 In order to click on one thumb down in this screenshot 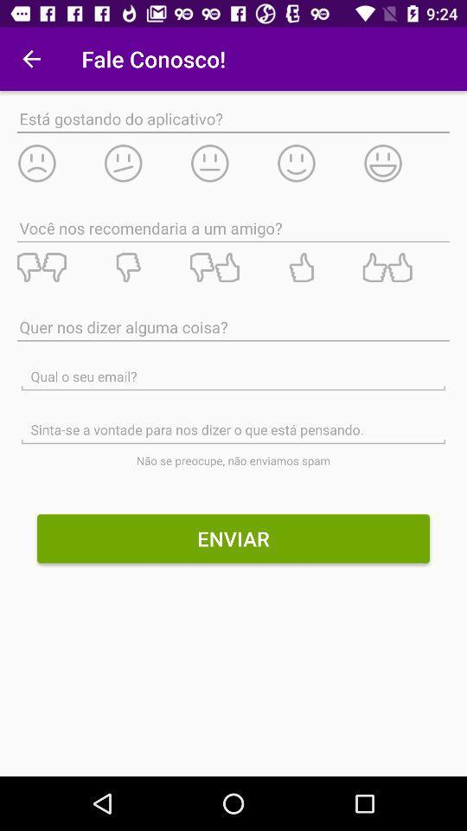, I will do `click(145, 267)`.